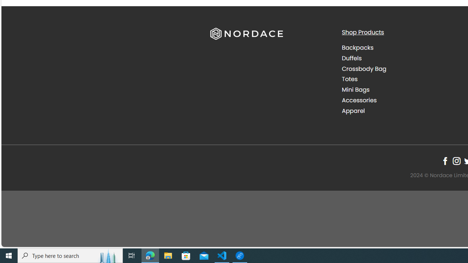 This screenshot has width=468, height=263. What do you see at coordinates (445, 161) in the screenshot?
I see `'Follow on Facebook'` at bounding box center [445, 161].